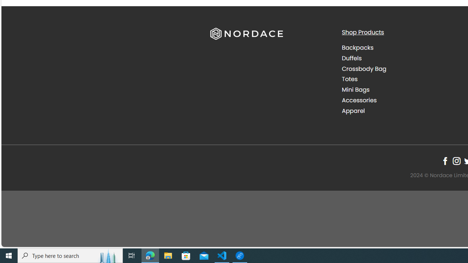 This screenshot has width=468, height=263. What do you see at coordinates (445, 161) in the screenshot?
I see `'Follow on Facebook'` at bounding box center [445, 161].